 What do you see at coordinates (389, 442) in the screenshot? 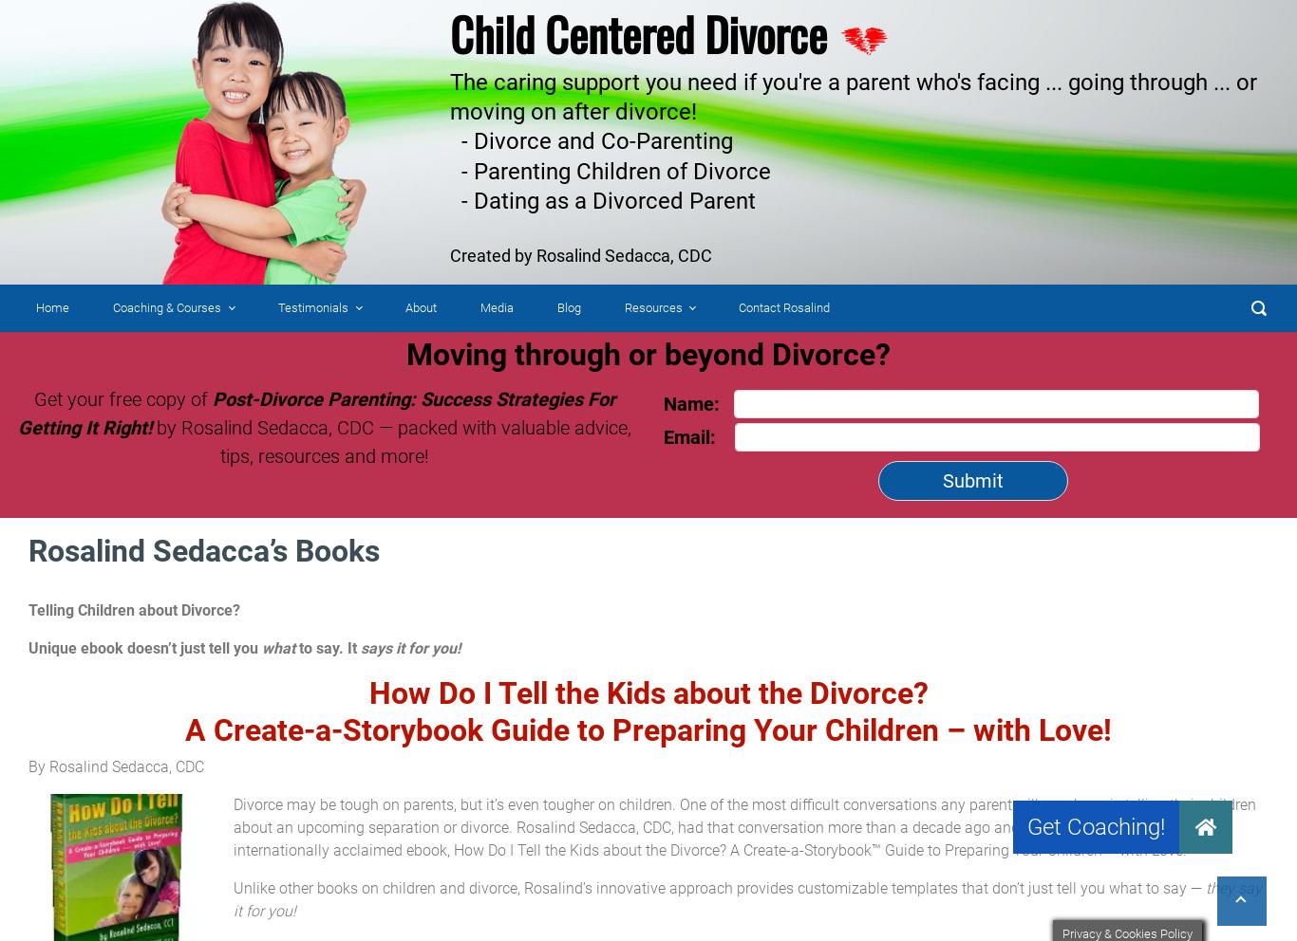
I see `'by Rosalind Sedacca, CDC —
packed with valuable advice, tips, resources and more!'` at bounding box center [389, 442].